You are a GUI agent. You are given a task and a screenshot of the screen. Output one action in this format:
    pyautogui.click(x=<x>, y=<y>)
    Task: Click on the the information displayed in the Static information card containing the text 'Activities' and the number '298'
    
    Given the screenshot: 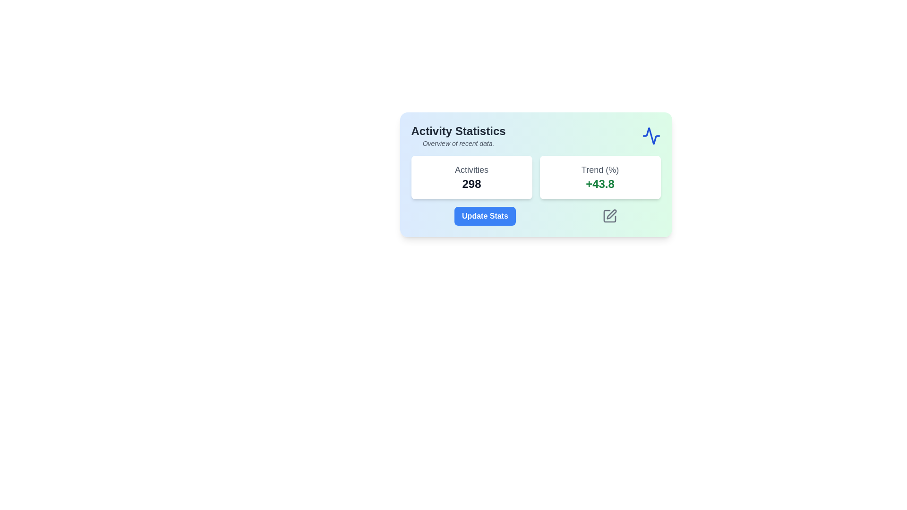 What is the action you would take?
    pyautogui.click(x=471, y=177)
    